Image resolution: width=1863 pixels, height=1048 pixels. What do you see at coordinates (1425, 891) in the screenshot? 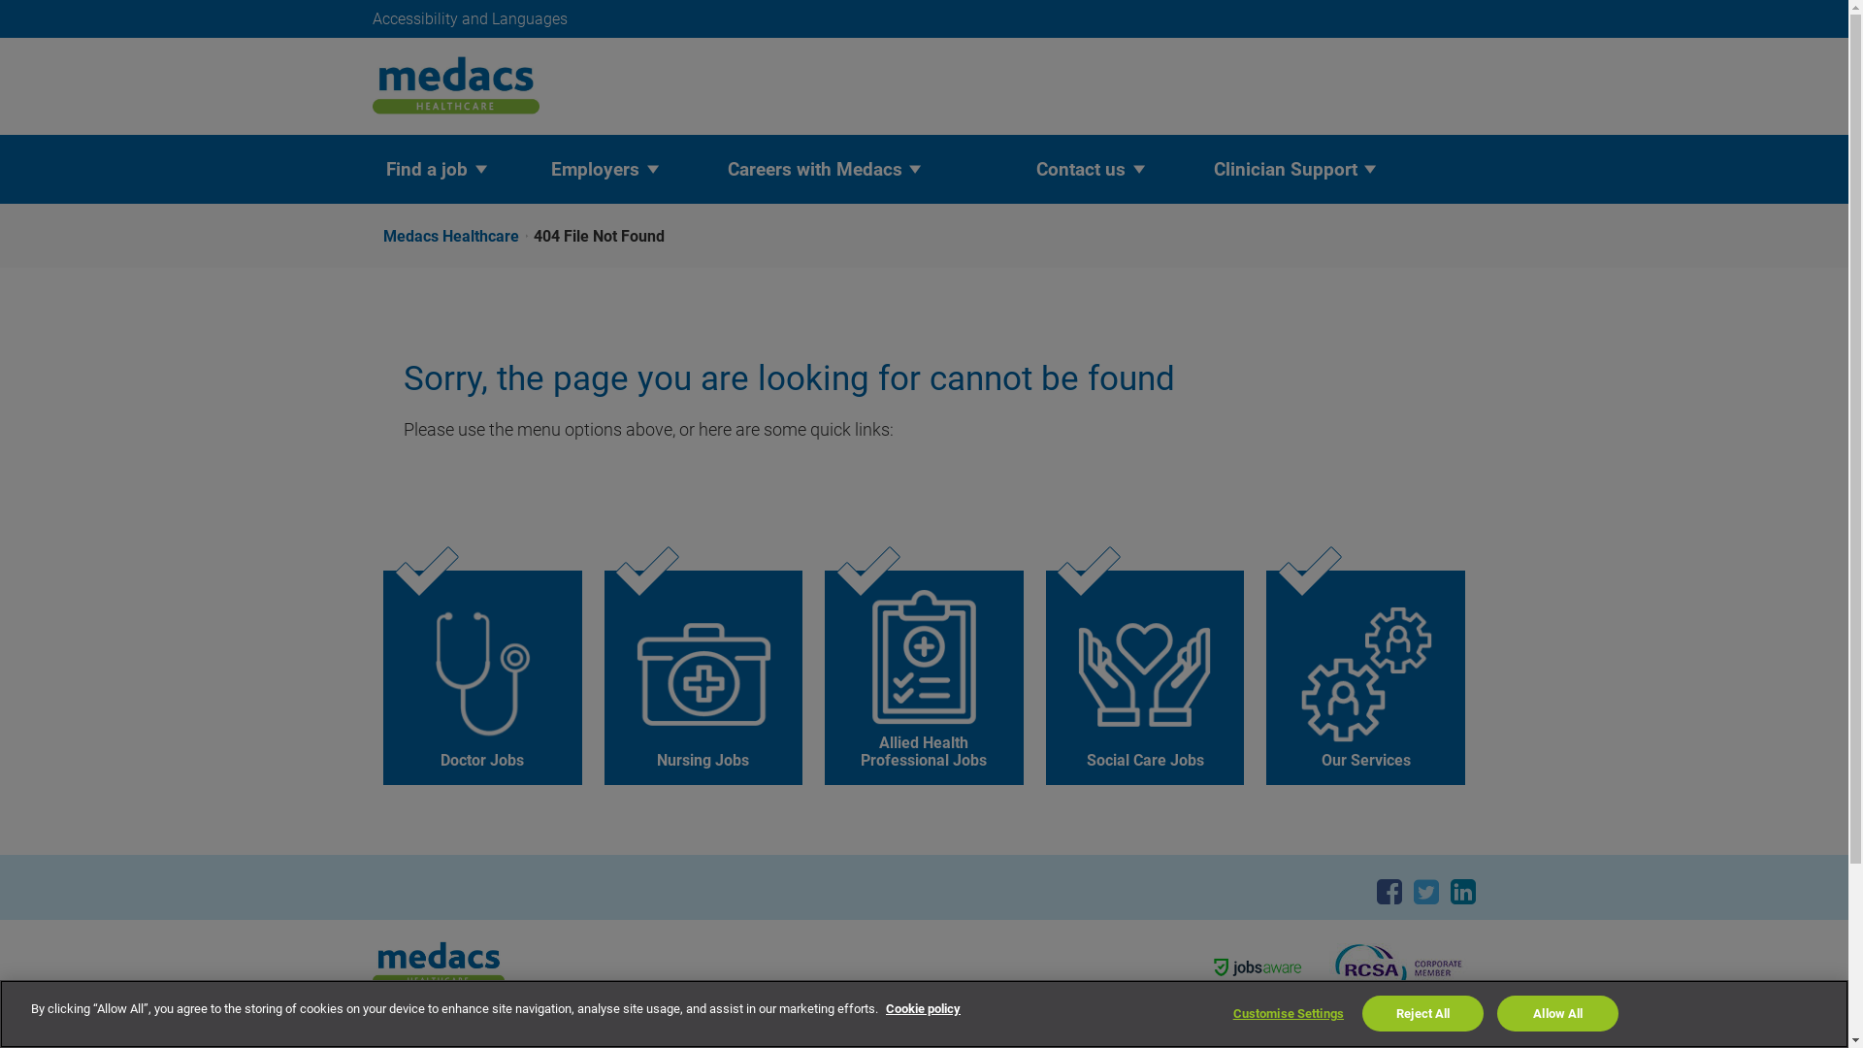
I see `'Twitter'` at bounding box center [1425, 891].